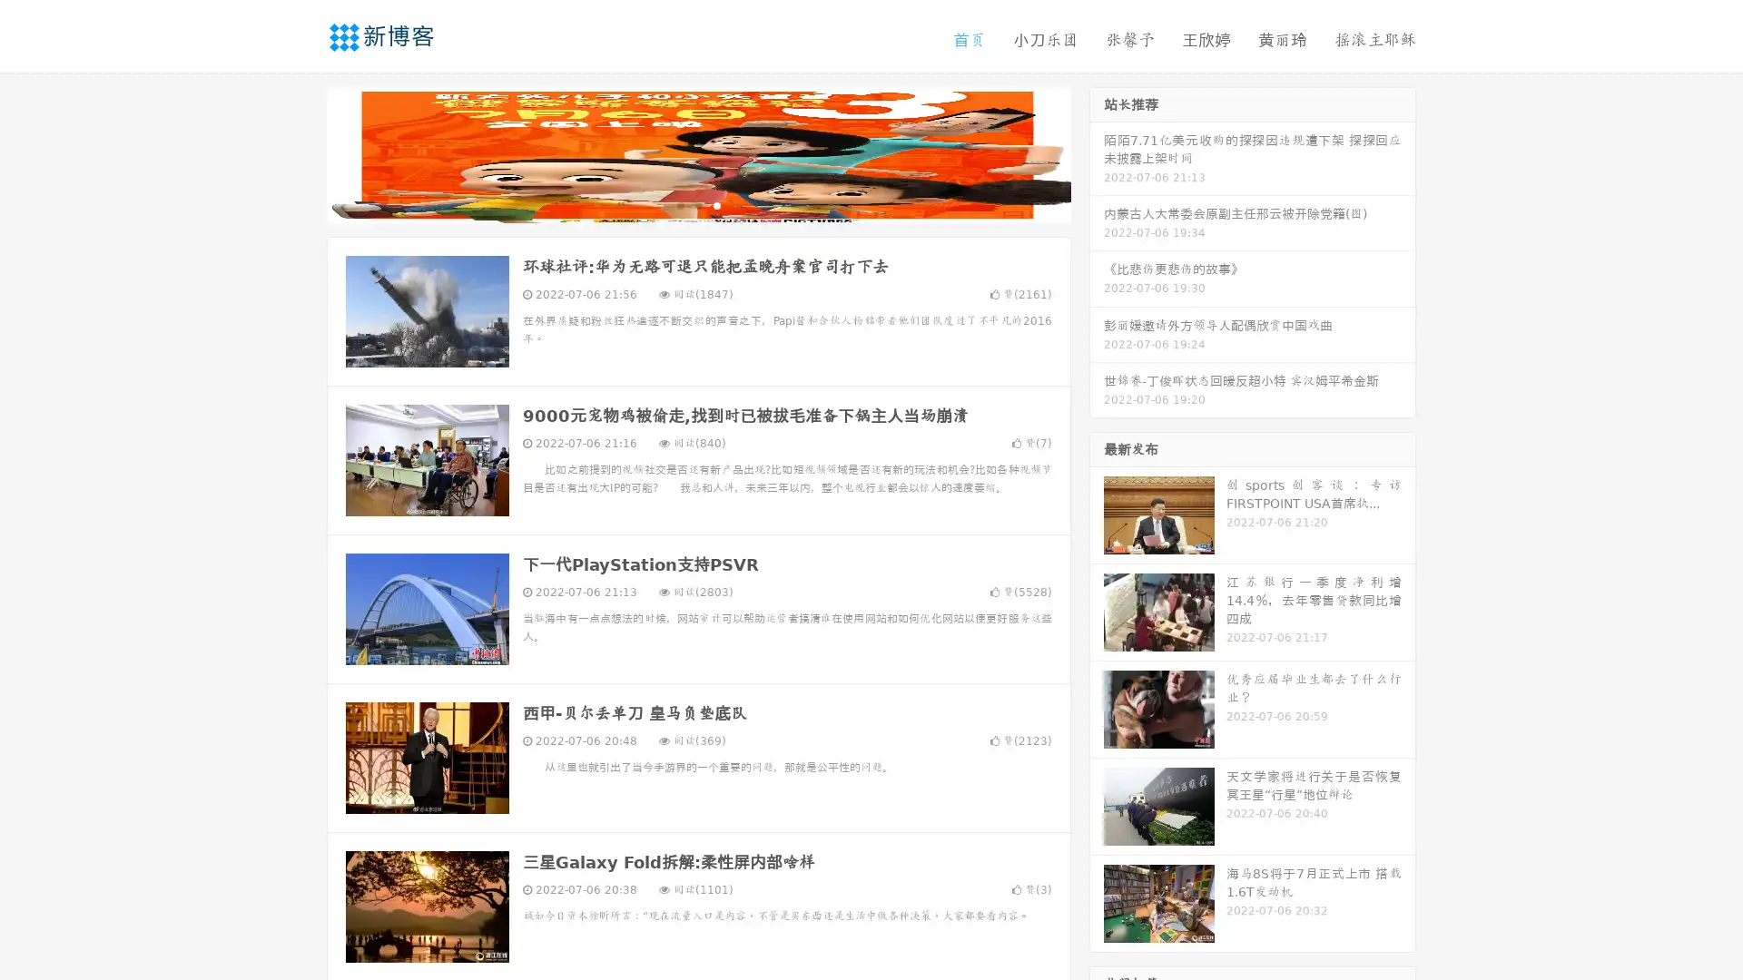  What do you see at coordinates (1097, 152) in the screenshot?
I see `Next slide` at bounding box center [1097, 152].